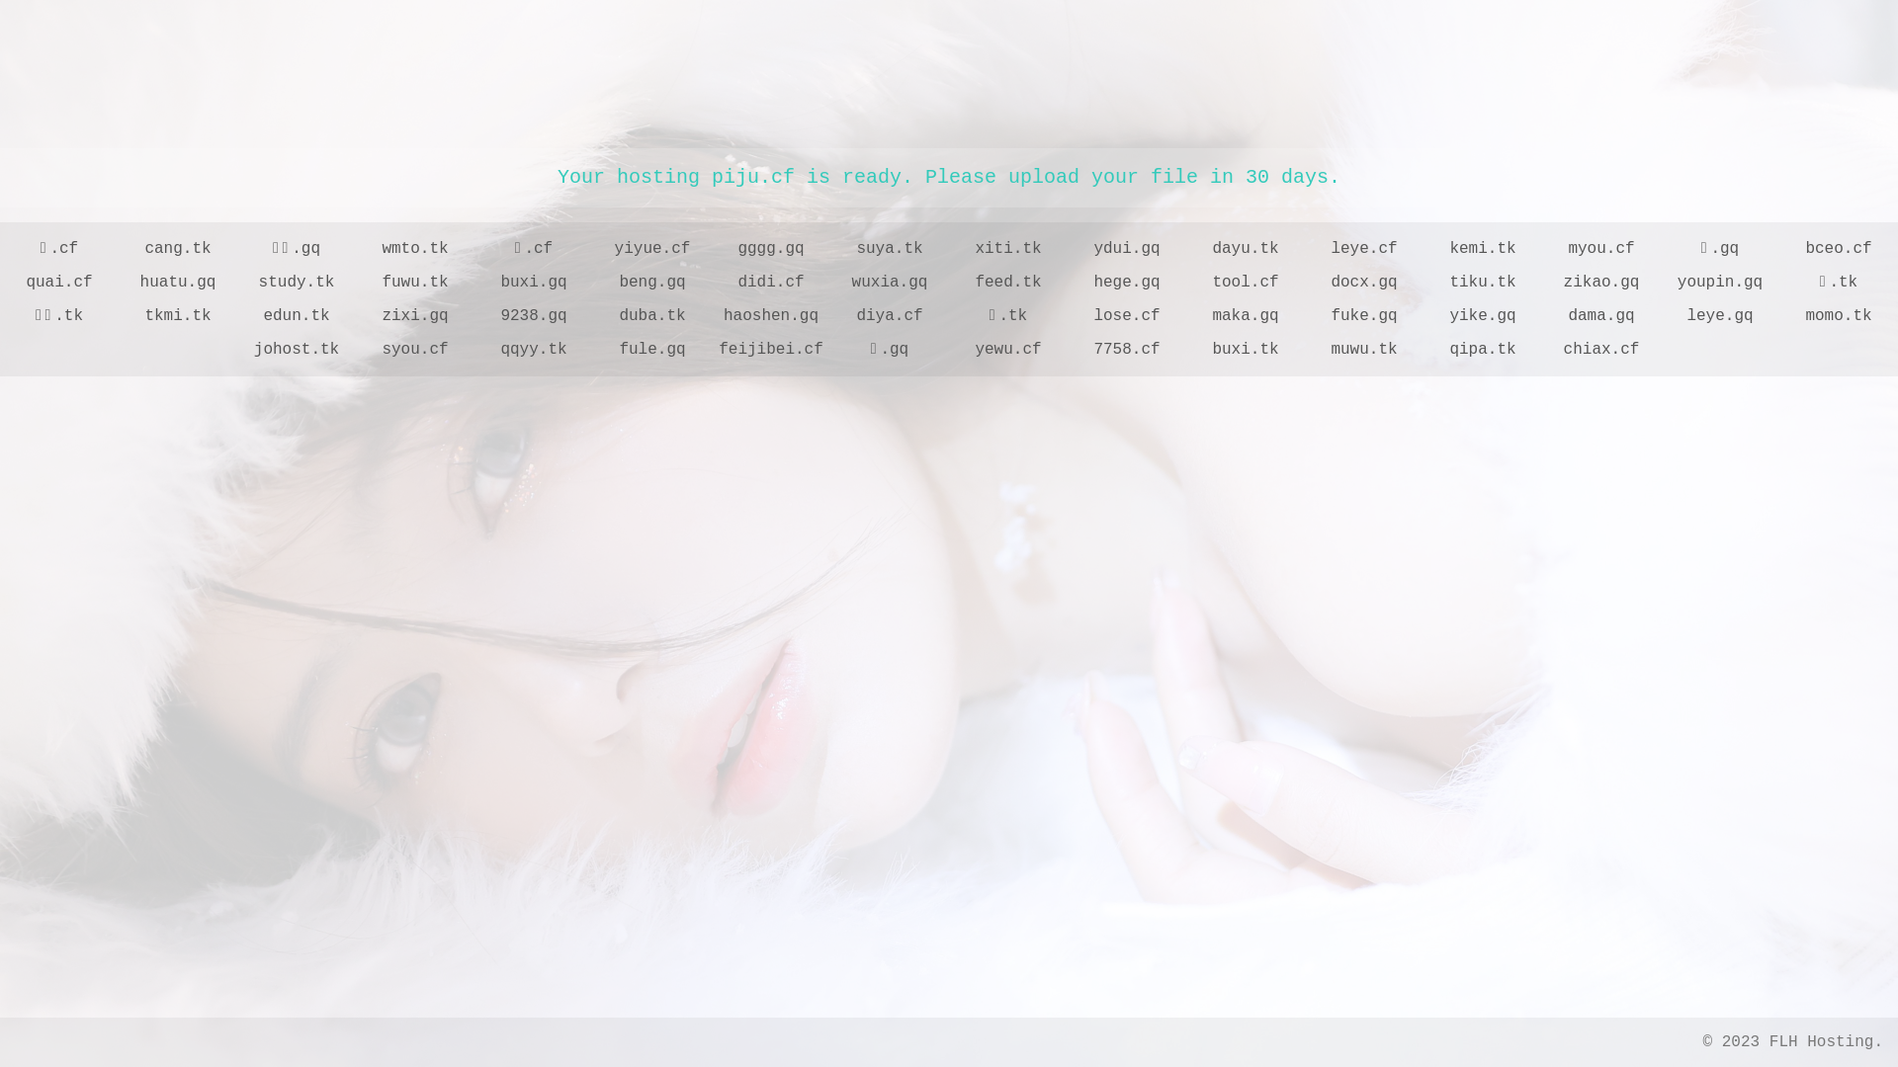 This screenshot has width=1898, height=1067. Describe the element at coordinates (1363, 247) in the screenshot. I see `'leye.cf'` at that location.